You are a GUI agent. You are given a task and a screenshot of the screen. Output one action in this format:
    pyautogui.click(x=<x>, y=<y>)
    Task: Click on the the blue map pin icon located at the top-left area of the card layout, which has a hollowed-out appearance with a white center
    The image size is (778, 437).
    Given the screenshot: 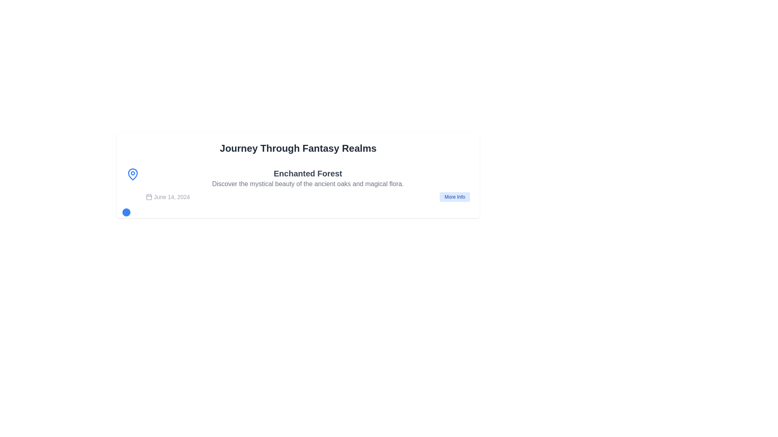 What is the action you would take?
    pyautogui.click(x=133, y=173)
    